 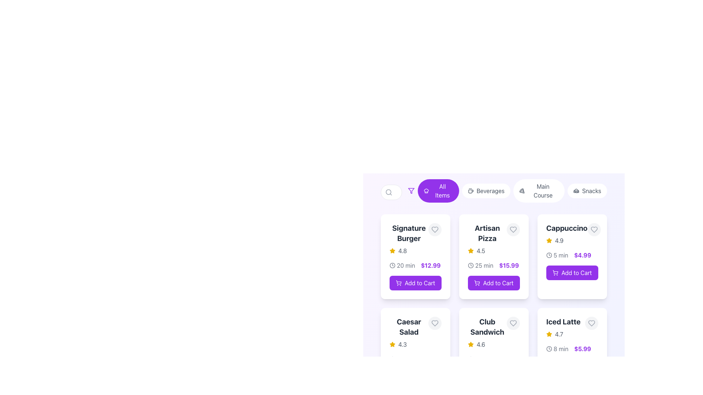 What do you see at coordinates (549, 255) in the screenshot?
I see `the clock icon representing preparation time for the item, situated to the left of the text '5 min' within the 'Cappuccino' card` at bounding box center [549, 255].